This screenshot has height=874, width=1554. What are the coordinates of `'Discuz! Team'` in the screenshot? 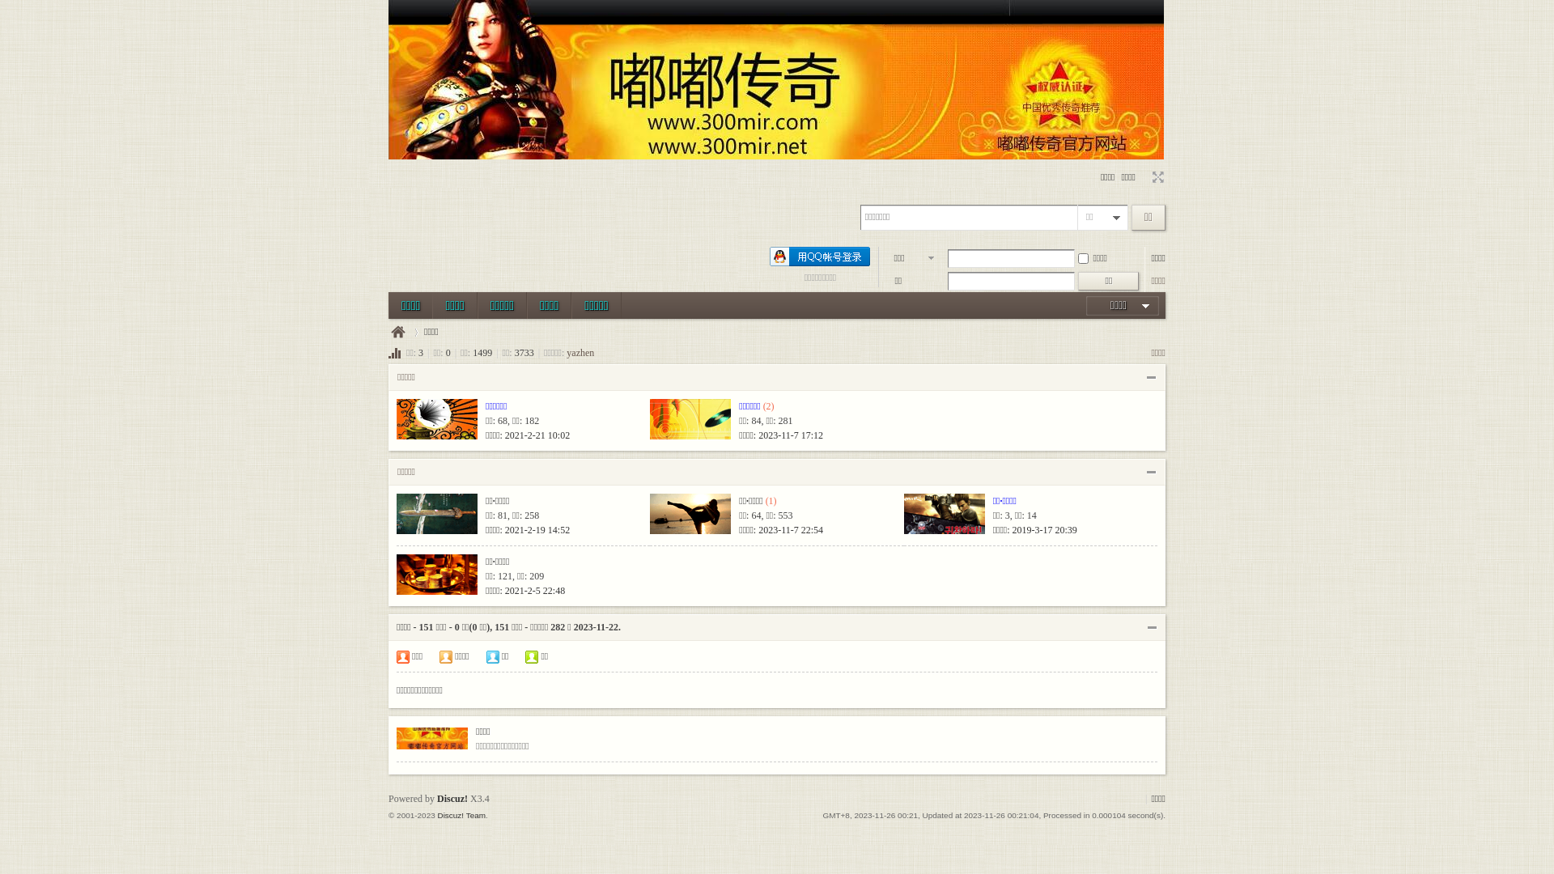 It's located at (461, 815).